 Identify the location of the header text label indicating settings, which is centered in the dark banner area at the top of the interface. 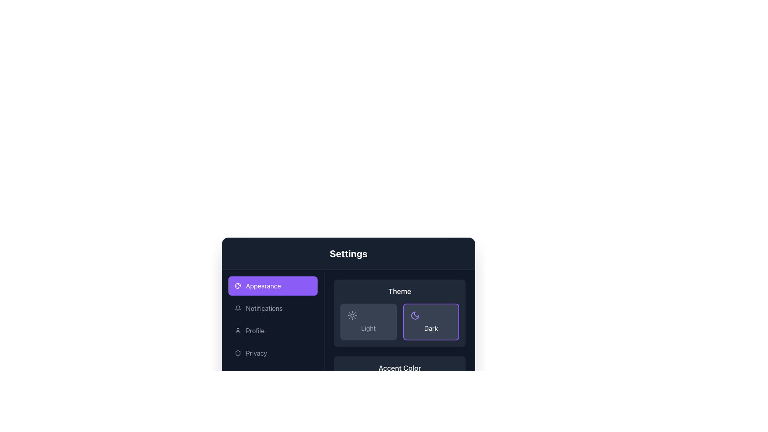
(348, 253).